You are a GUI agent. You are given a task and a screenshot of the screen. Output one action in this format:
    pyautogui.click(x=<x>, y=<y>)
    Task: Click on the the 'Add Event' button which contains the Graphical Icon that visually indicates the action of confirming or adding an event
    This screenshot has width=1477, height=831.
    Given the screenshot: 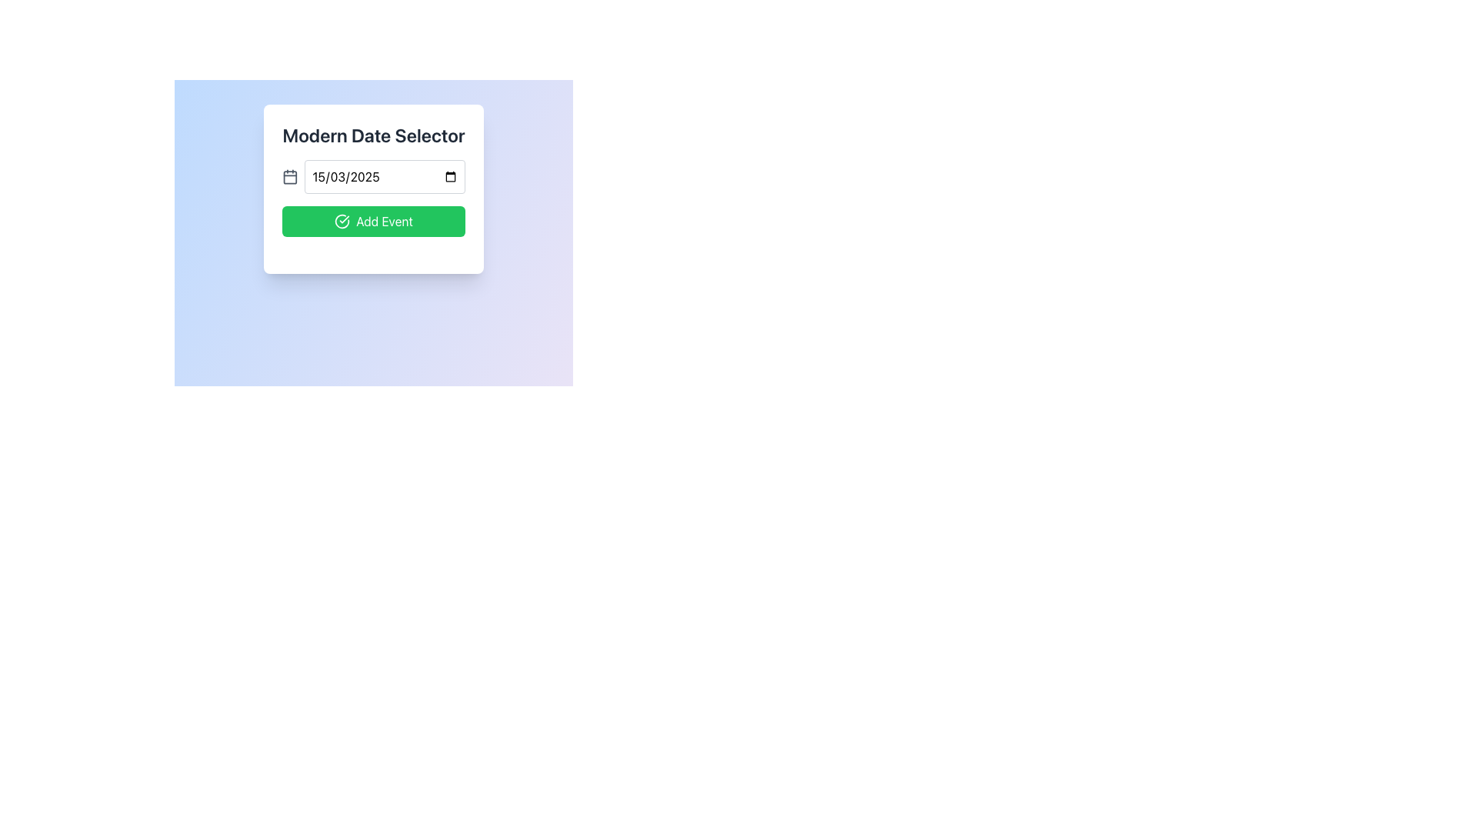 What is the action you would take?
    pyautogui.click(x=342, y=222)
    